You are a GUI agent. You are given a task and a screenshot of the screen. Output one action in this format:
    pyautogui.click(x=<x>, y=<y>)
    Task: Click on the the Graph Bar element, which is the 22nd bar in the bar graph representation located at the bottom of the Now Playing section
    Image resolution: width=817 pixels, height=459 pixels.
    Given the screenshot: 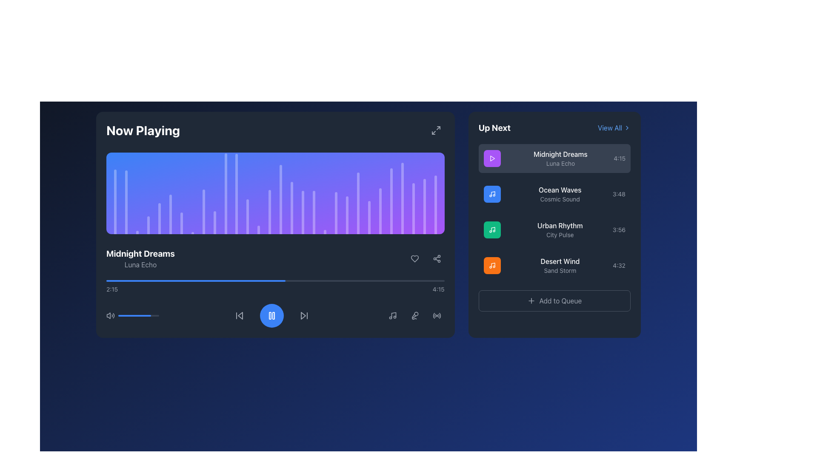 What is the action you would take?
    pyautogui.click(x=358, y=203)
    